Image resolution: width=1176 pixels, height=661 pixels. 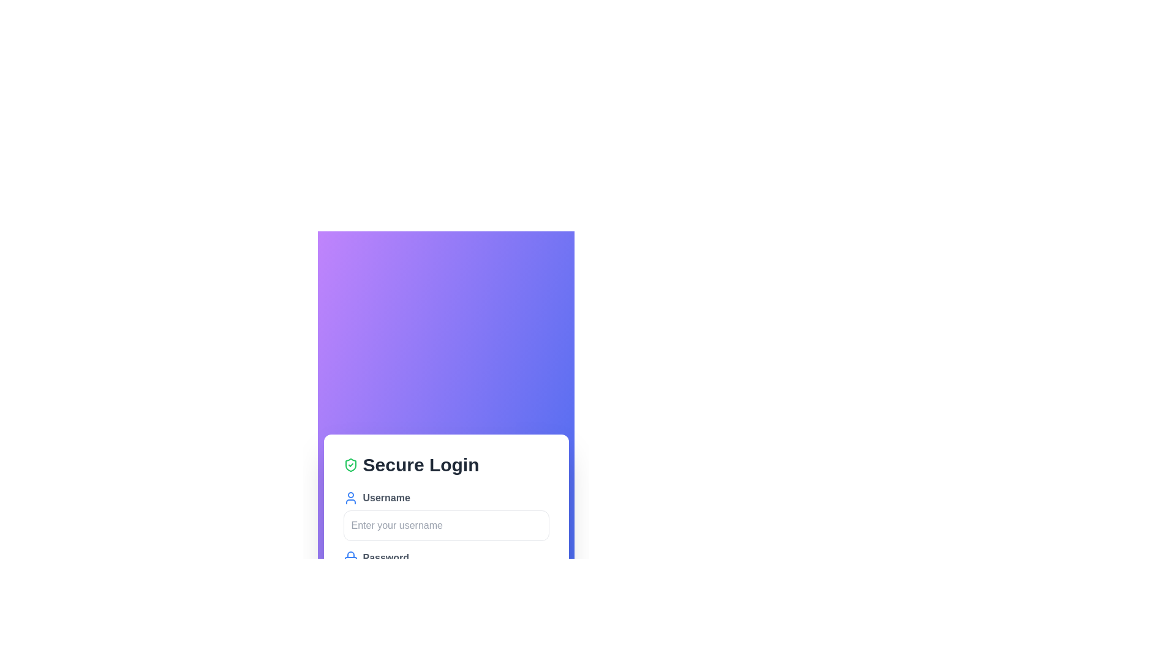 What do you see at coordinates (350, 561) in the screenshot?
I see `the lock icon component, which is a small rectangular shape with rounded corners, located adjacent to the password field labeled 'Password'` at bounding box center [350, 561].